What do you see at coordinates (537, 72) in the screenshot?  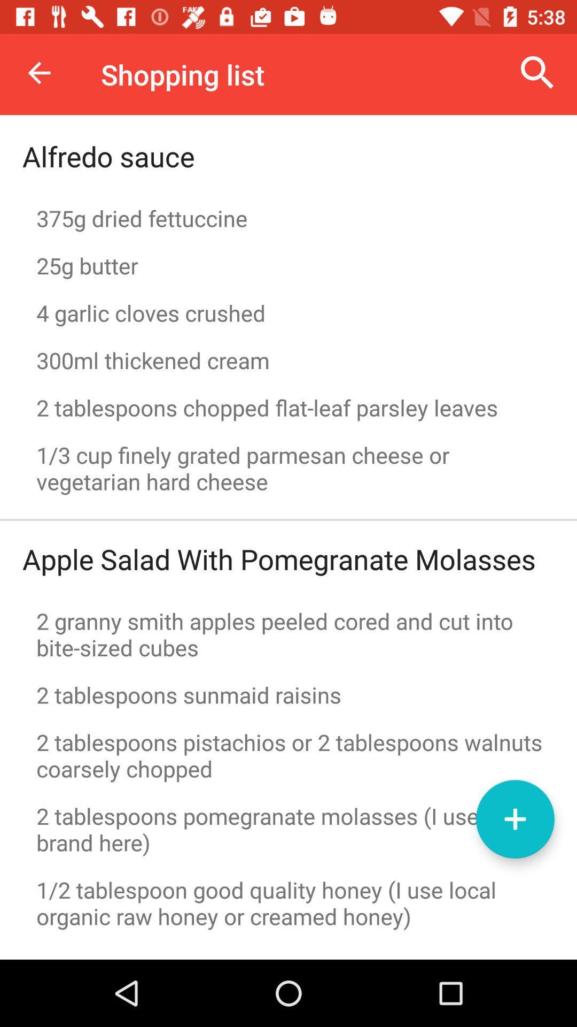 I see `icon above the 375g dried fettuccine item` at bounding box center [537, 72].